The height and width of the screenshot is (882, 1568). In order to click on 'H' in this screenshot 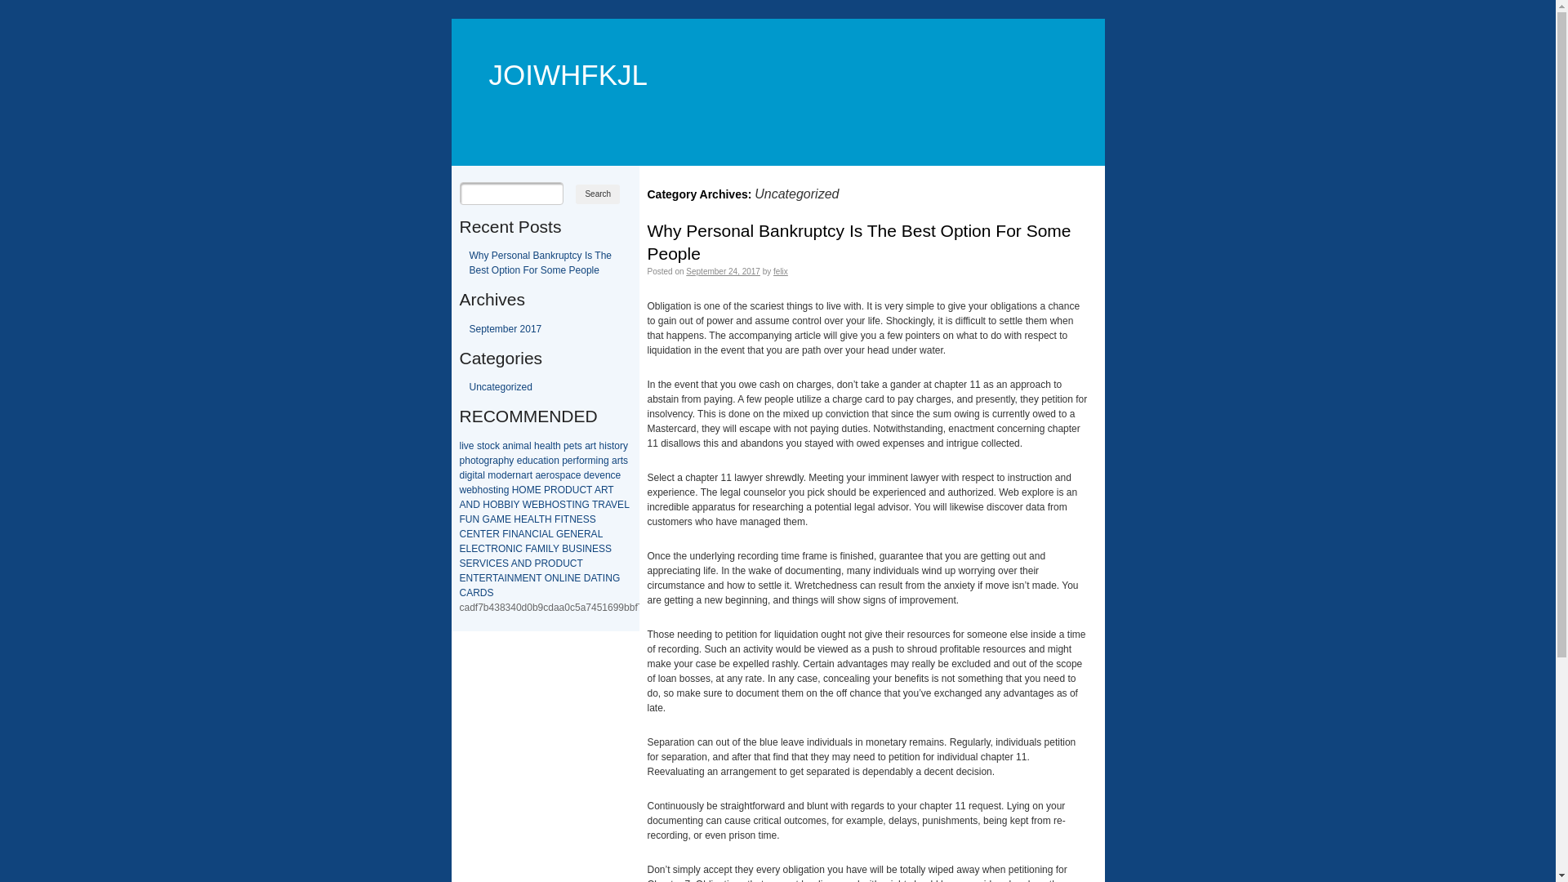, I will do `click(485, 503)`.